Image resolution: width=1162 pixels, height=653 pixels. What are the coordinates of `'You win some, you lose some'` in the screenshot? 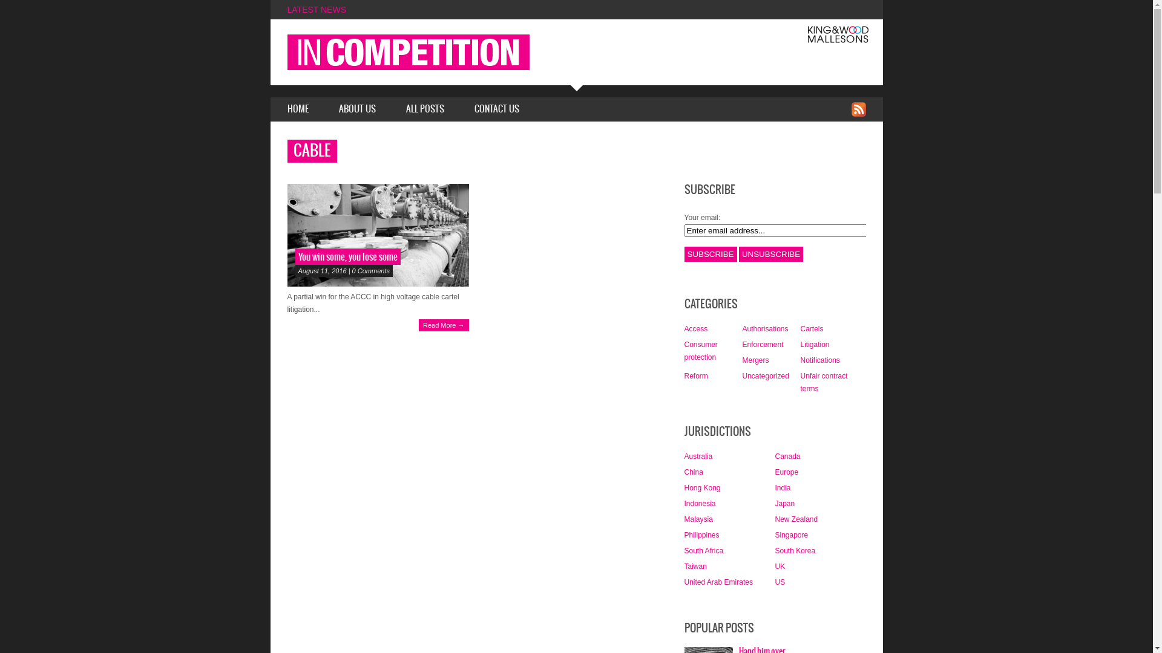 It's located at (347, 256).